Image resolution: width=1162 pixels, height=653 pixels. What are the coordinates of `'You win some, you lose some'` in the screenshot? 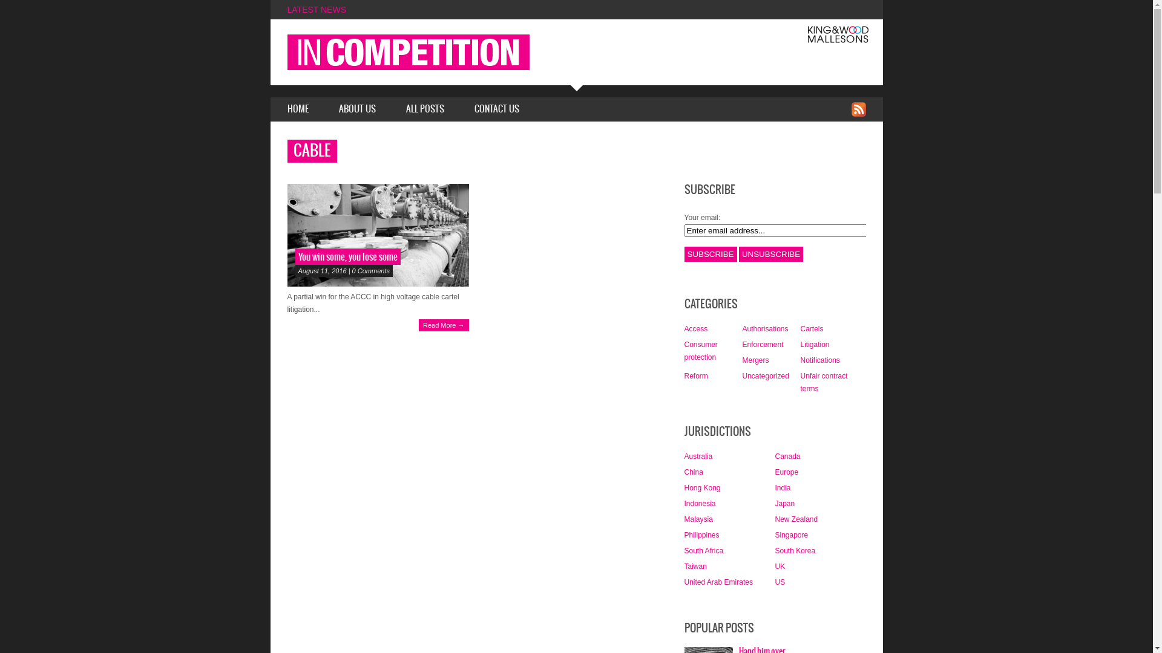 It's located at (347, 256).